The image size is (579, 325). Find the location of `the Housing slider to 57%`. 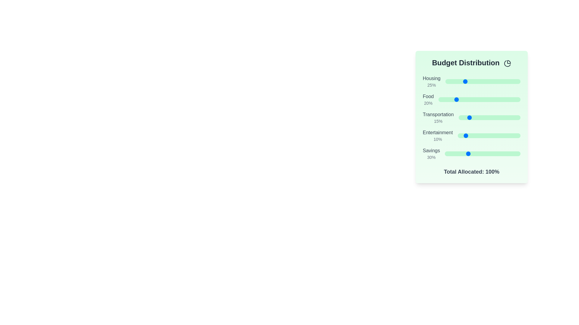

the Housing slider to 57% is located at coordinates (488, 81).